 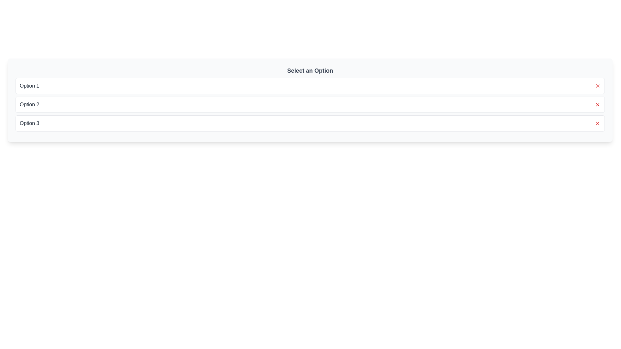 What do you see at coordinates (310, 104) in the screenshot?
I see `the second selectable list item in the 'Select an Option' menu` at bounding box center [310, 104].